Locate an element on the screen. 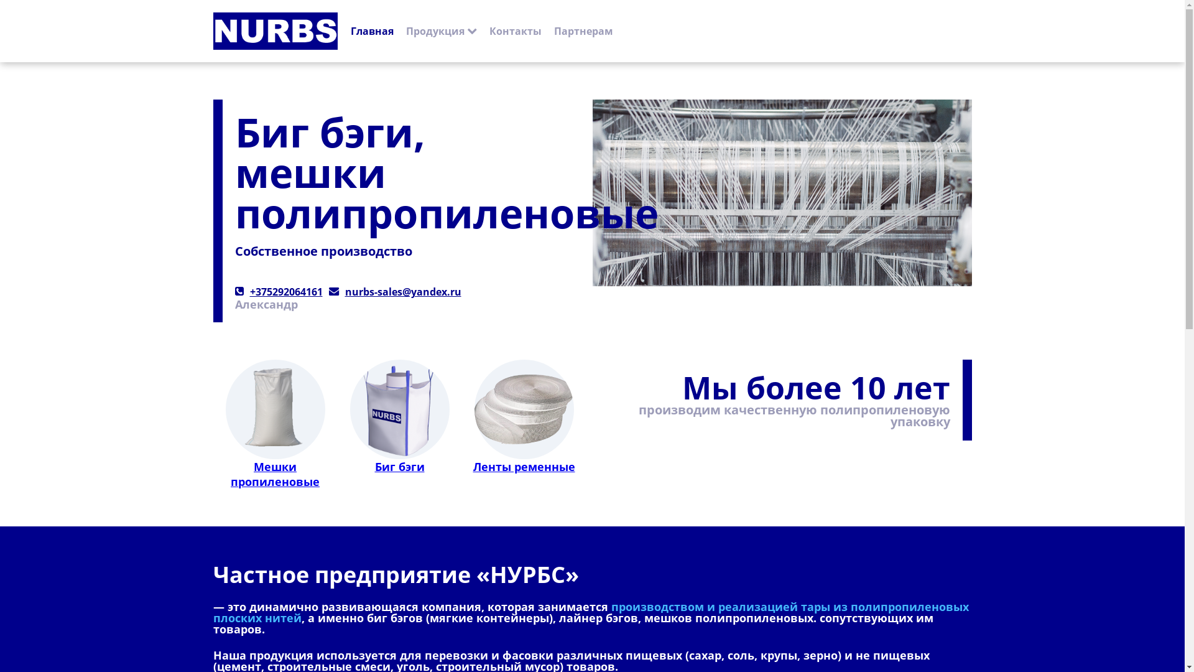 The width and height of the screenshot is (1194, 672). '+375292064161' is located at coordinates (249, 292).